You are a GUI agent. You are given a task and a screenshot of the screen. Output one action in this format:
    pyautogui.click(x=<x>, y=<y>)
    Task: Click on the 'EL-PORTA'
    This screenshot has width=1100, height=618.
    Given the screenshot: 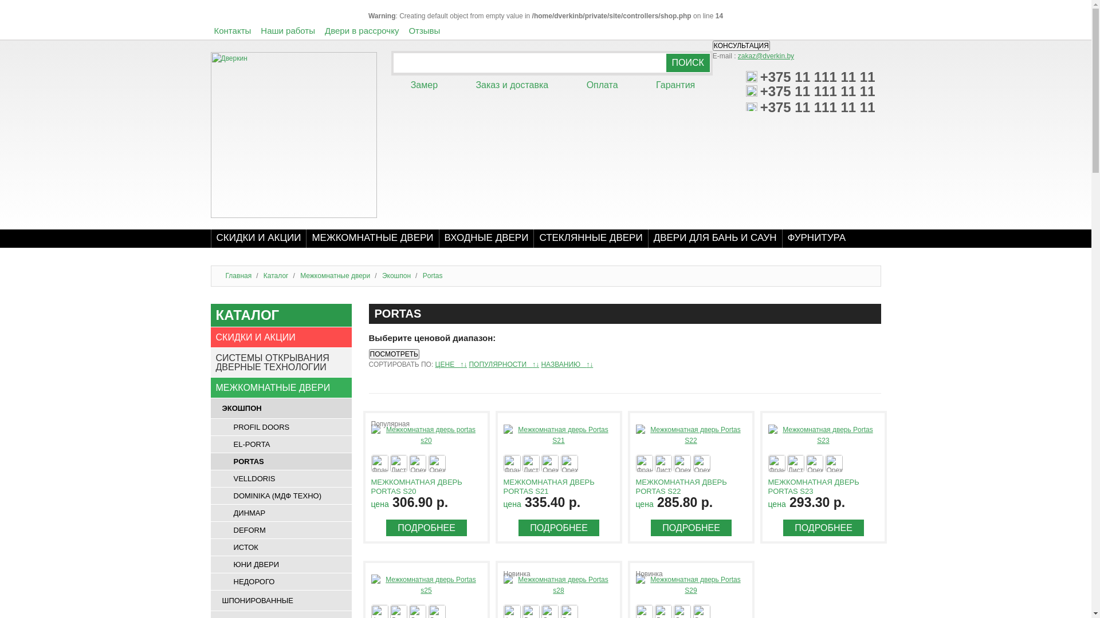 What is the action you would take?
    pyautogui.click(x=281, y=443)
    